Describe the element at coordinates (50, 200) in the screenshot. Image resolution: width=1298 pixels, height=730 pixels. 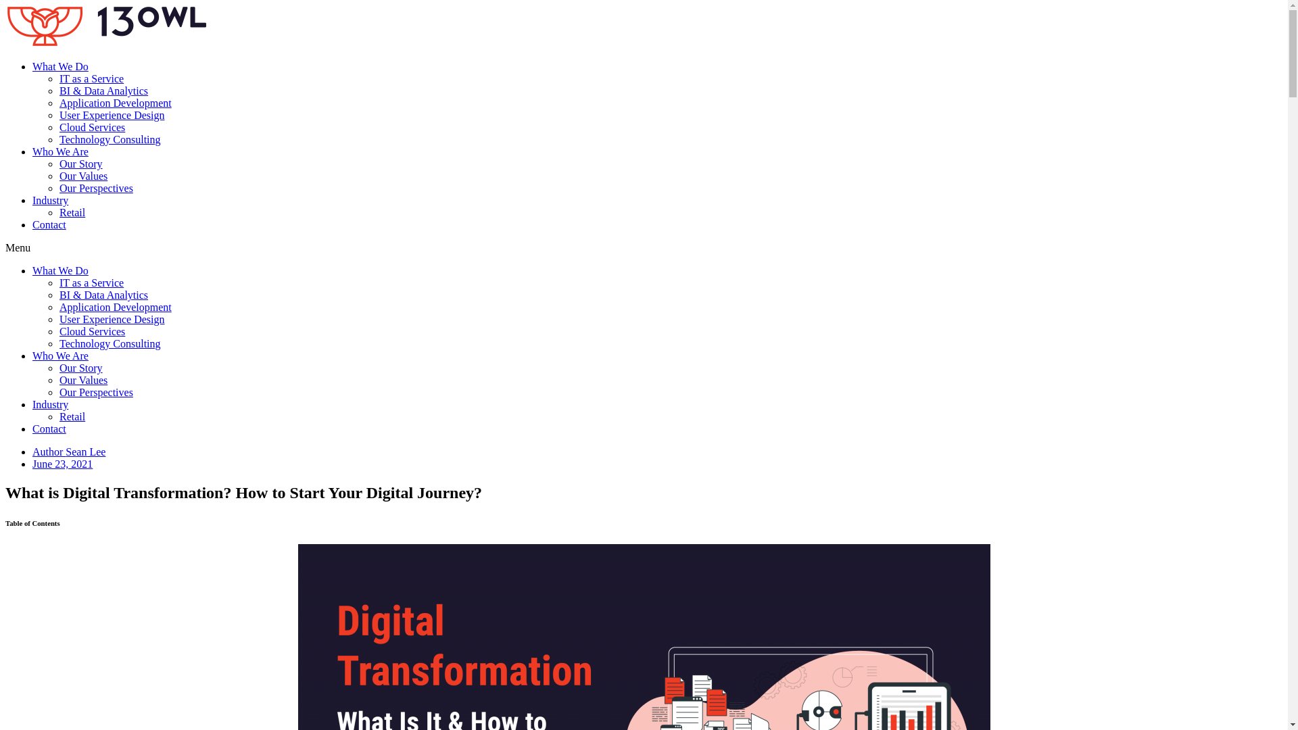
I see `'Industry'` at that location.